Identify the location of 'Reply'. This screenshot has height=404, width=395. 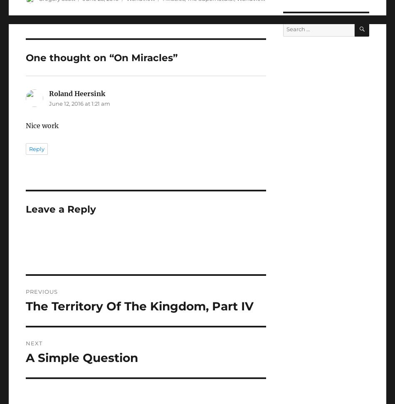
(37, 149).